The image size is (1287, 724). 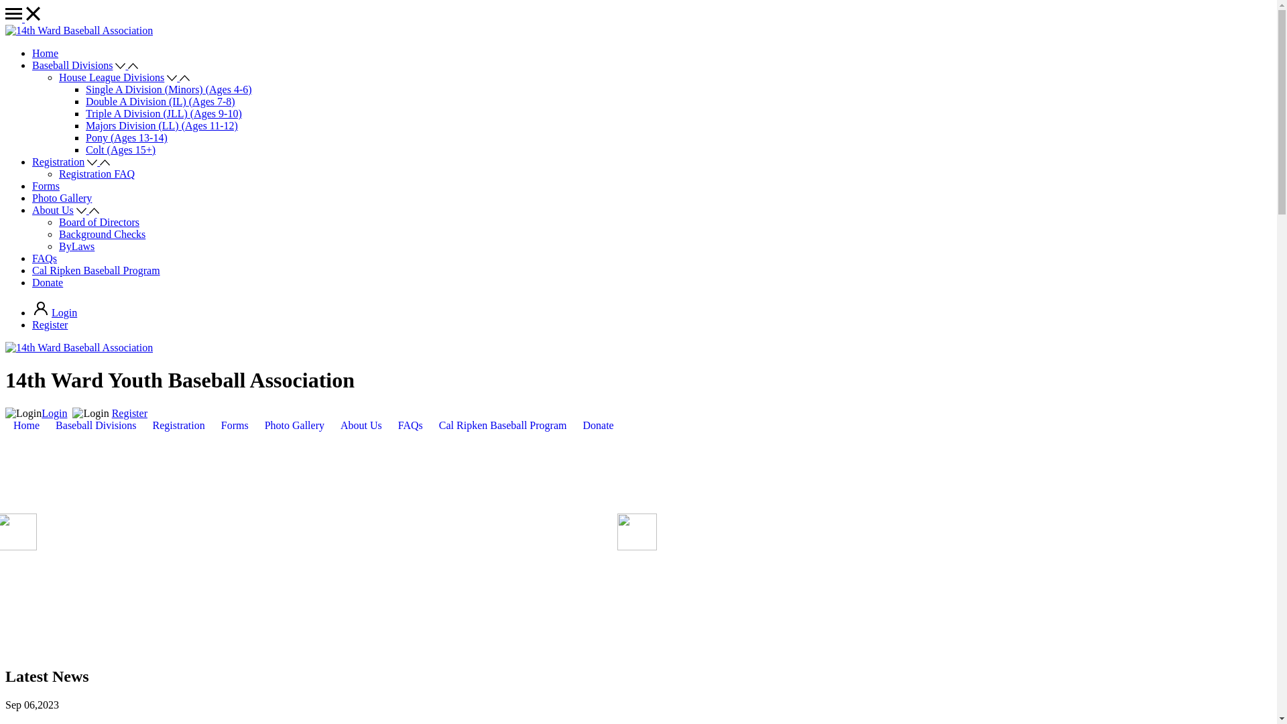 What do you see at coordinates (32, 161) in the screenshot?
I see `'Registration'` at bounding box center [32, 161].